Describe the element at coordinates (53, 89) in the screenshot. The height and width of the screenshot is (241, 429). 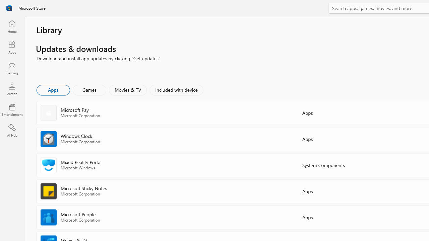
I see `'Apps'` at that location.